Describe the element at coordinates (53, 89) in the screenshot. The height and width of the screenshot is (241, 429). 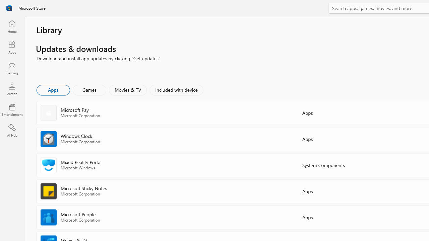
I see `'Apps'` at that location.